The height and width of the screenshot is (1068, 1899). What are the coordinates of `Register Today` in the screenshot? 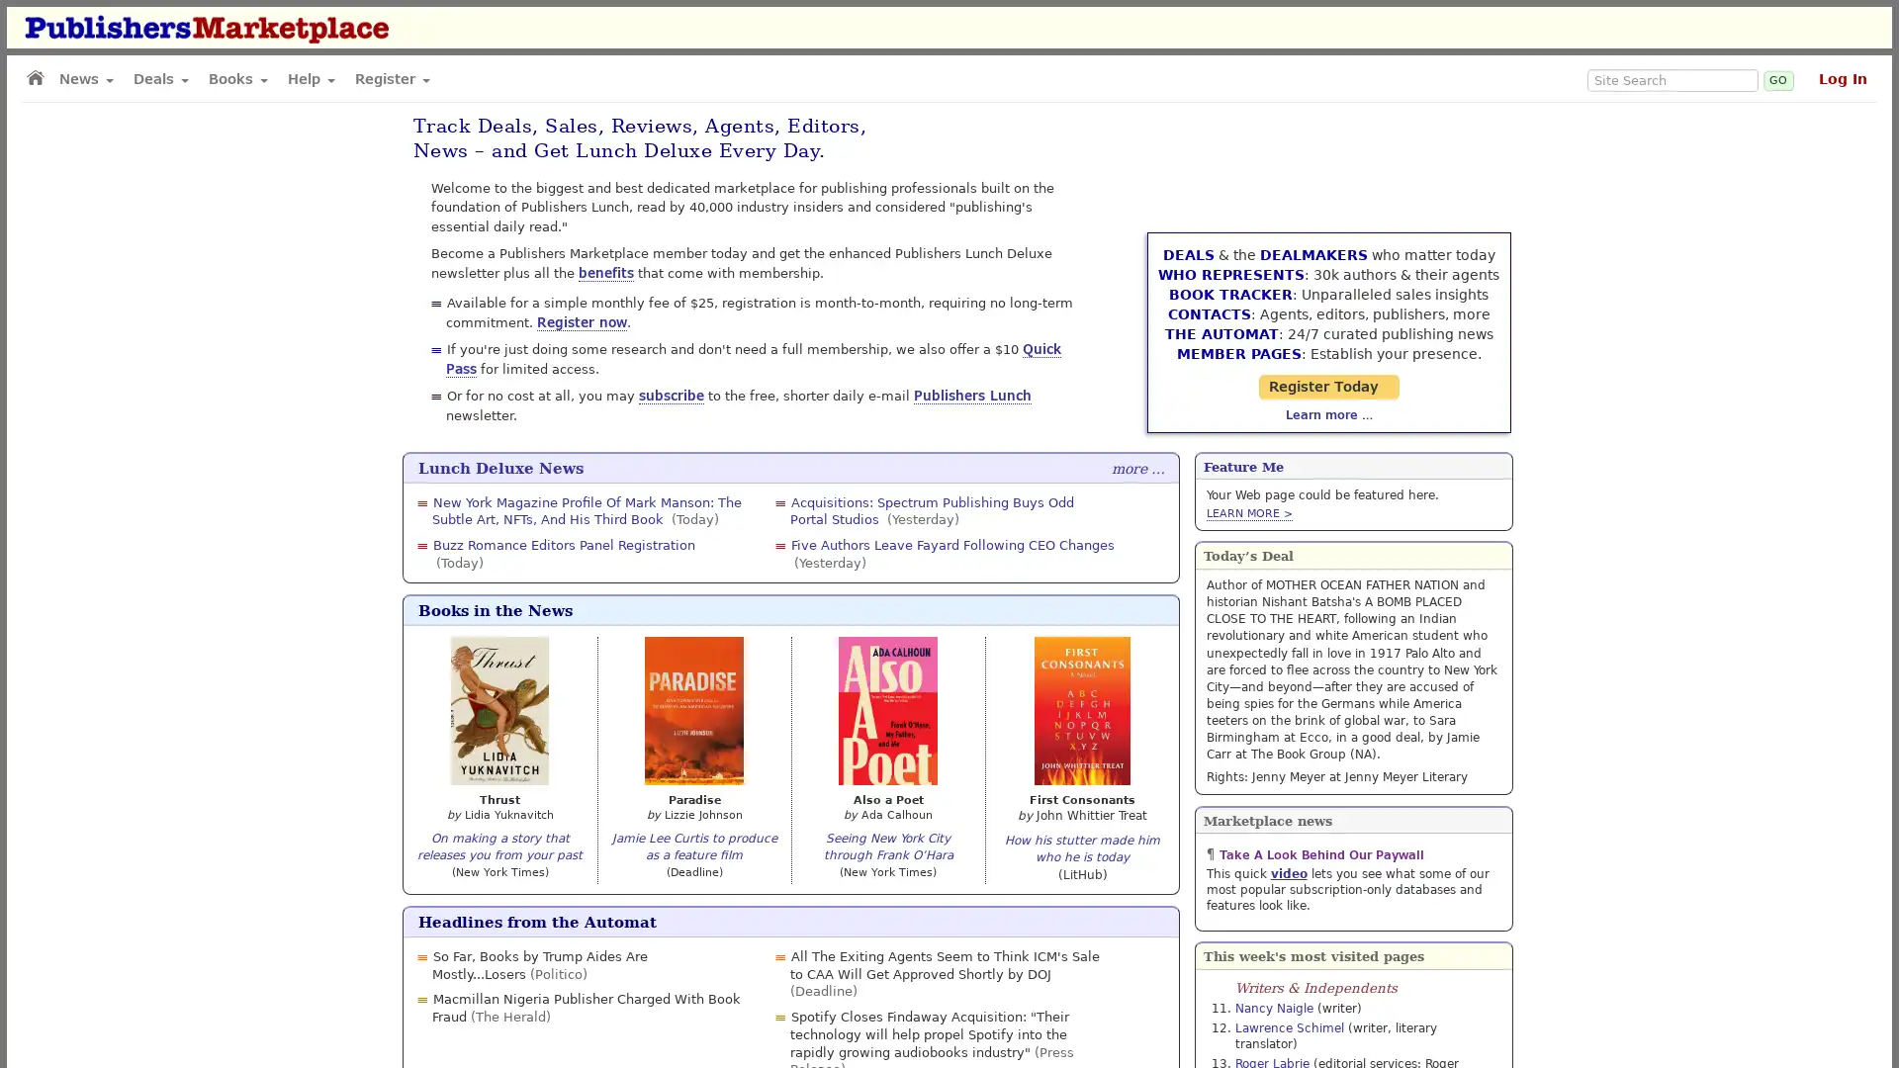 It's located at (1352, 346).